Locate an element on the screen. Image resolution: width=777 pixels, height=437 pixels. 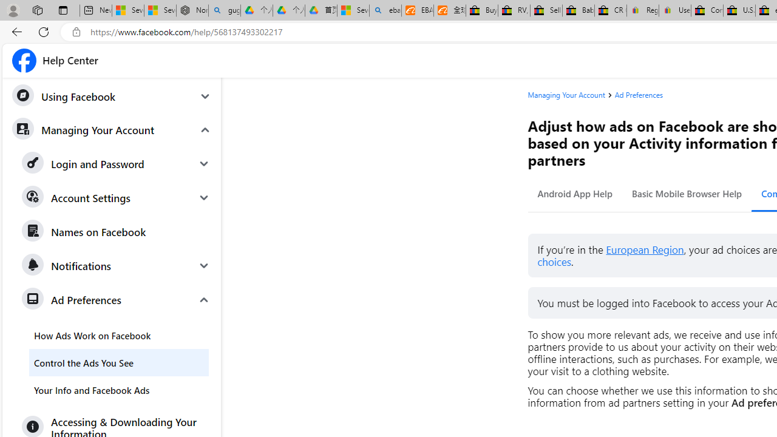
'Account Settings Expand' is located at coordinates (117, 197).